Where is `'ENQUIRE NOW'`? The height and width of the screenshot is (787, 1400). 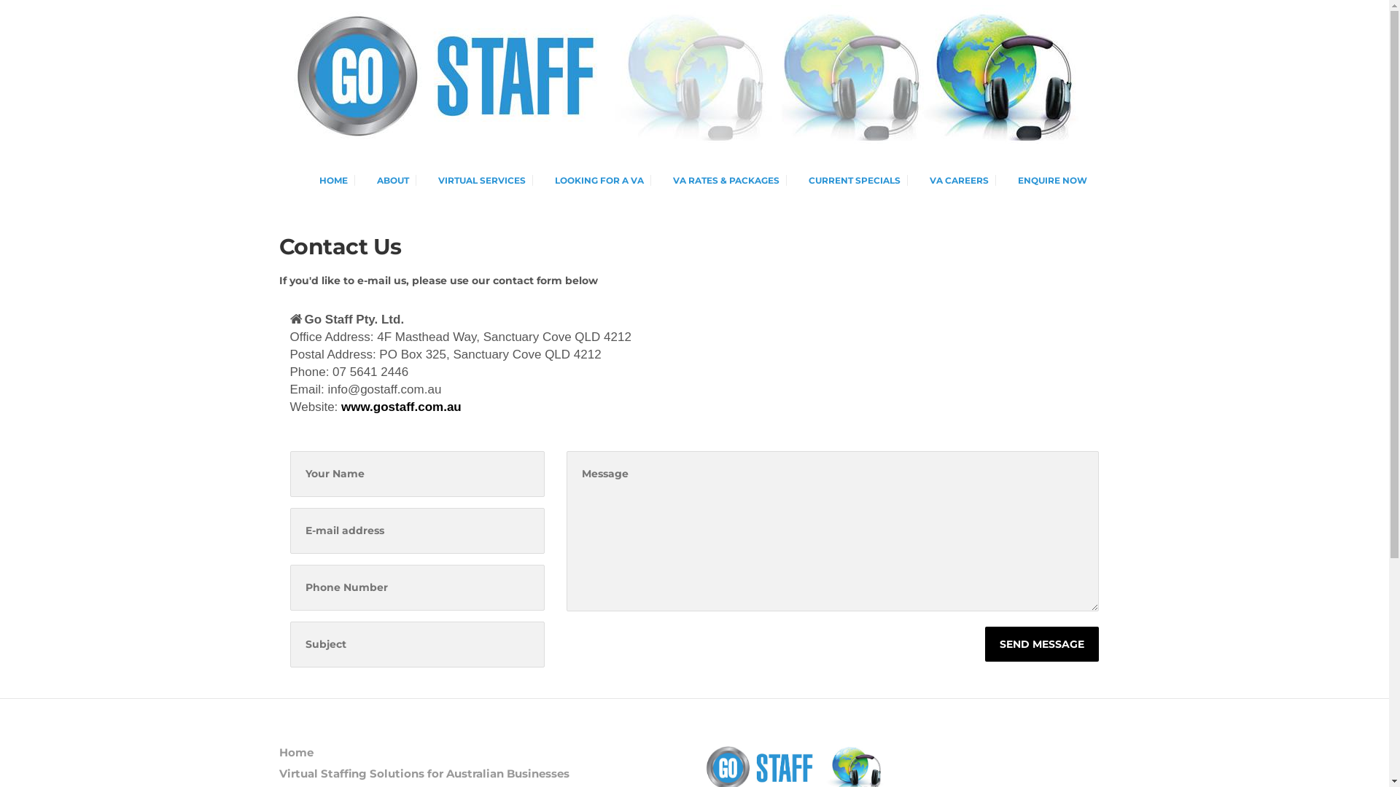
'ENQUIRE NOW' is located at coordinates (1044, 179).